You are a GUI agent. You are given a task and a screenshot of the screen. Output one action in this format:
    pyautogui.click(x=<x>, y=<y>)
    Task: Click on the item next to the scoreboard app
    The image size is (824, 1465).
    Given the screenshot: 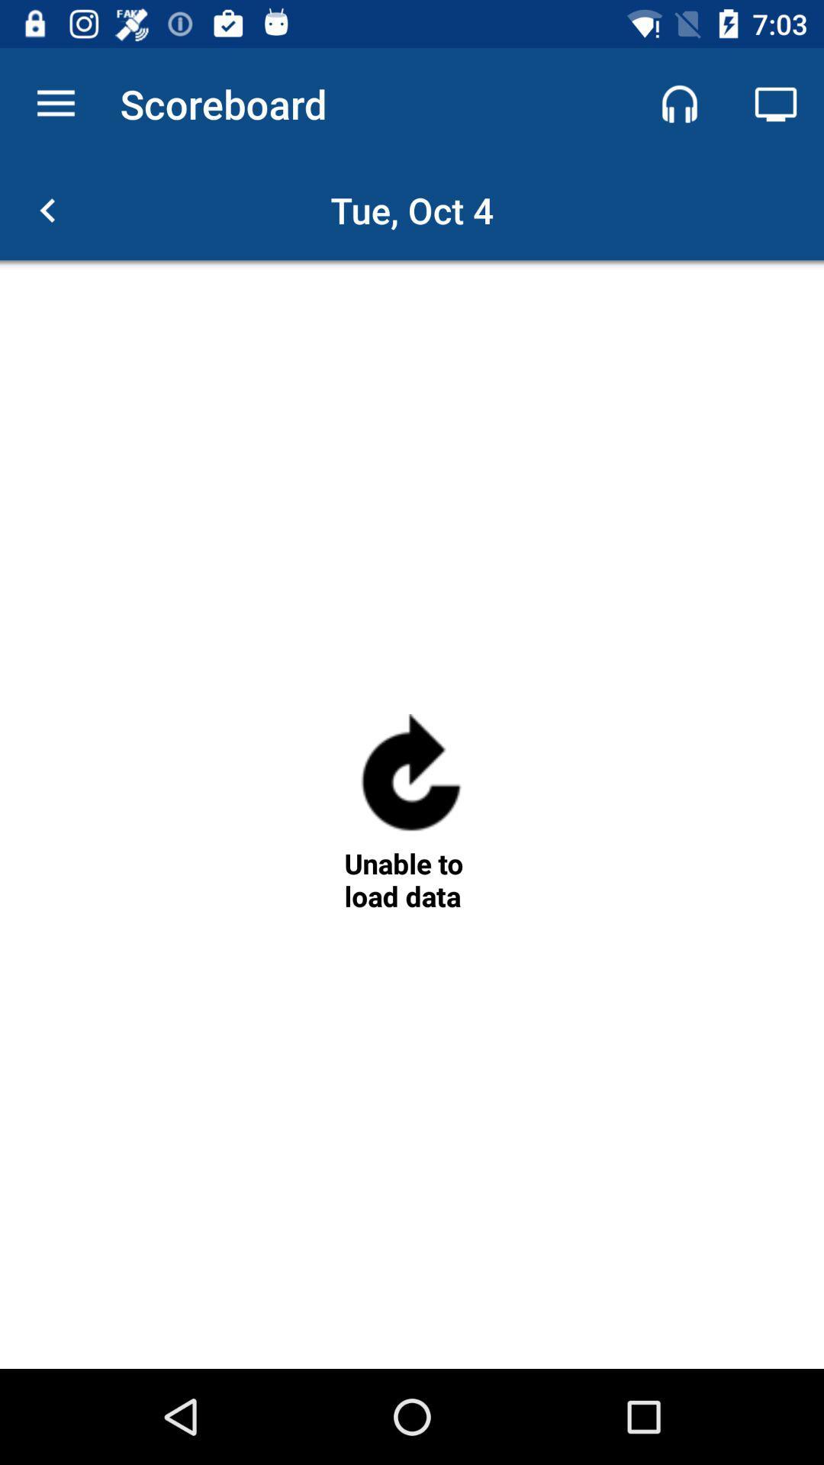 What is the action you would take?
    pyautogui.click(x=55, y=103)
    